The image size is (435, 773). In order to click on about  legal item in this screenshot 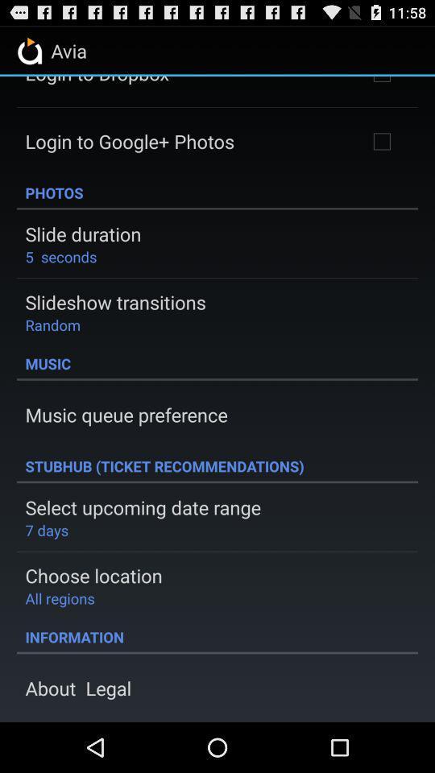, I will do `click(77, 687)`.